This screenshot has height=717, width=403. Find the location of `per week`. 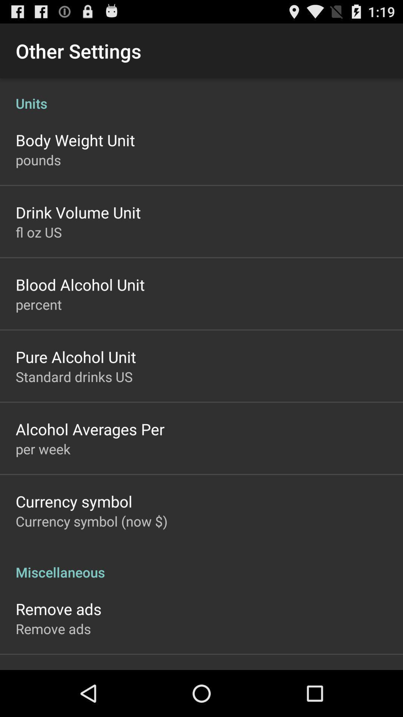

per week is located at coordinates (43, 448).